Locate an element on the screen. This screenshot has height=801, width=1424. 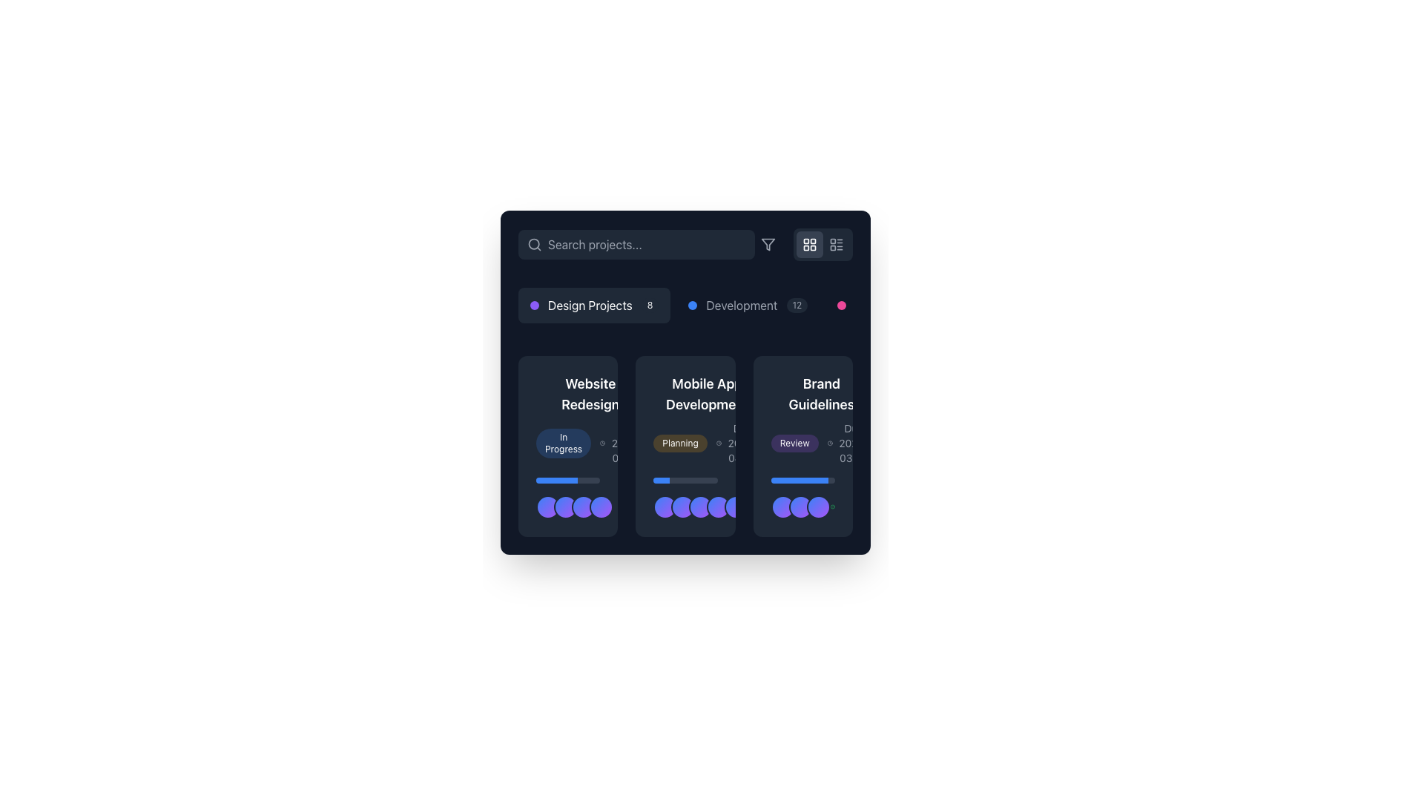
the SVG icon representing the concept of time, which is located to the left of the text block reading 'Due 2024-03-15' is located at coordinates (602, 442).